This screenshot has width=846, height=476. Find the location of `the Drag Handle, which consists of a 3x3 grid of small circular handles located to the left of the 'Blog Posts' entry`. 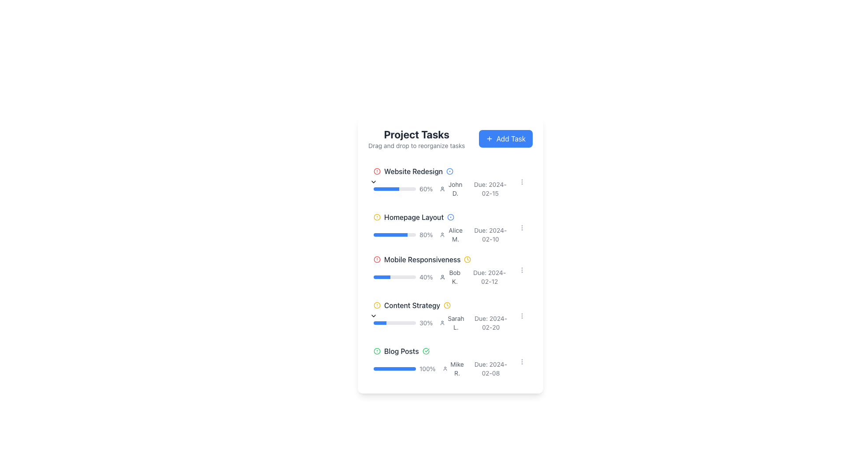

the Drag Handle, which consists of a 3x3 grid of small circular handles located to the left of the 'Blog Posts' entry is located at coordinates (363, 362).